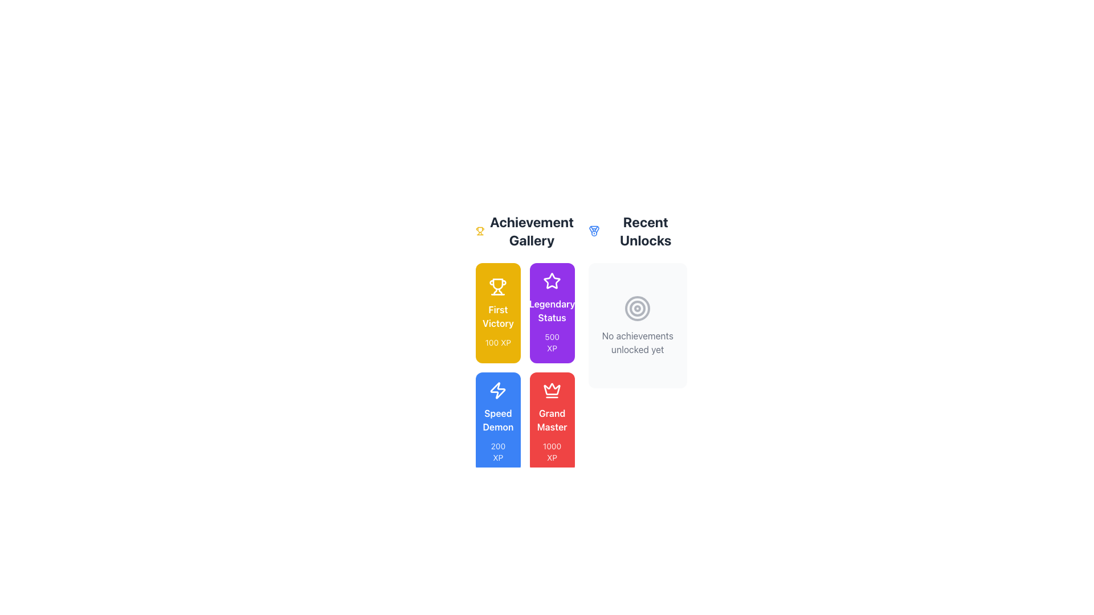  What do you see at coordinates (637, 309) in the screenshot?
I see `the Decorative Icon in the 'Recent Unlocks' section, which enhances the visual context above the text 'No achievements unlocked yet.'` at bounding box center [637, 309].